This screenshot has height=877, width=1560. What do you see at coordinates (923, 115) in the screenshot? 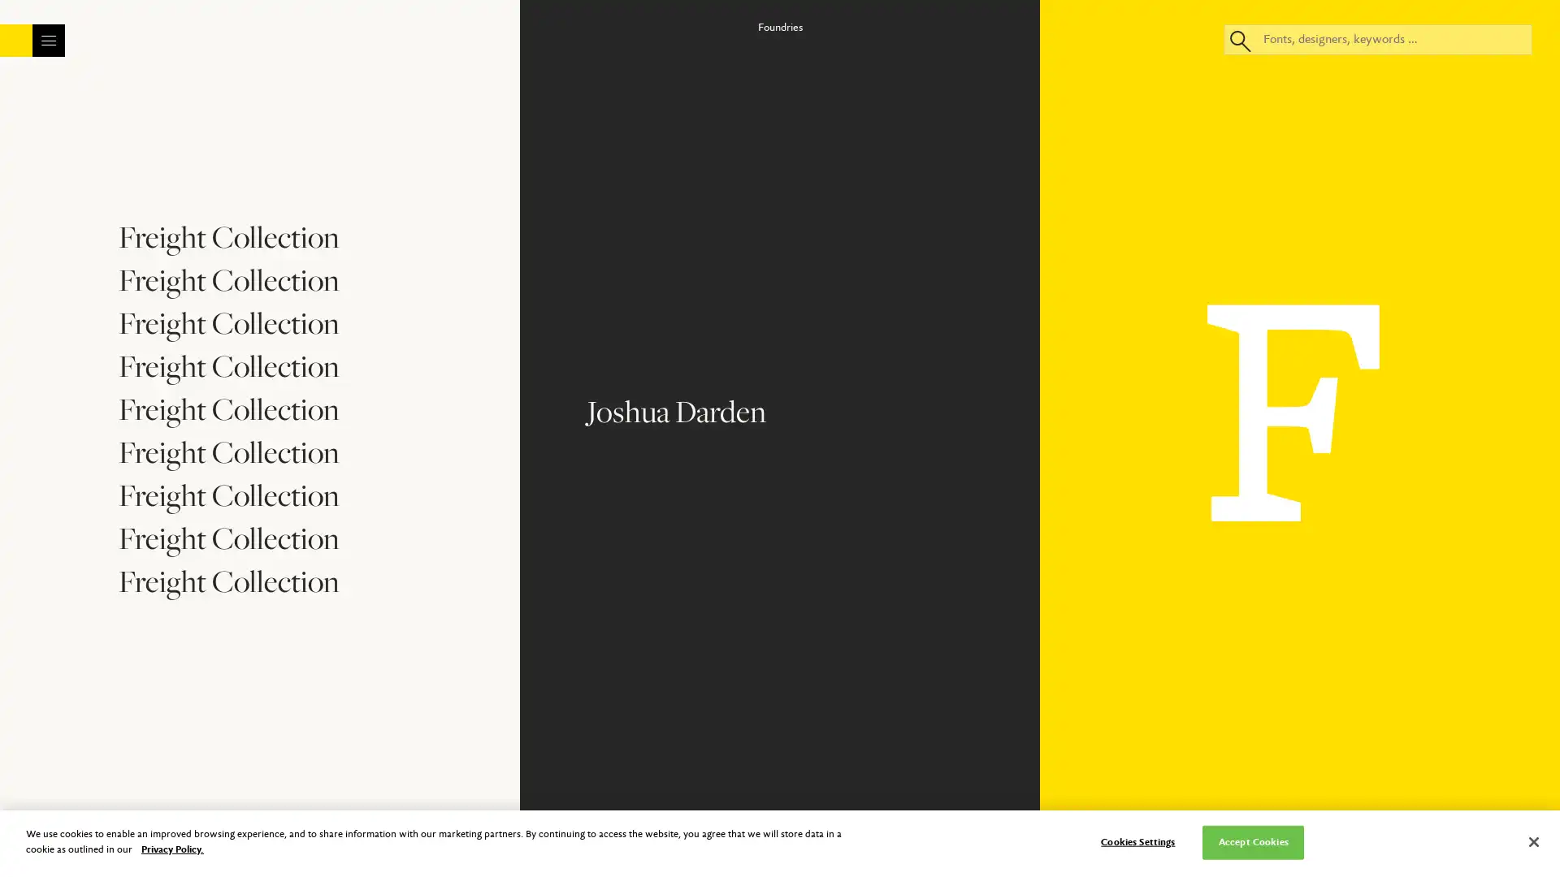
I see `Close` at bounding box center [923, 115].